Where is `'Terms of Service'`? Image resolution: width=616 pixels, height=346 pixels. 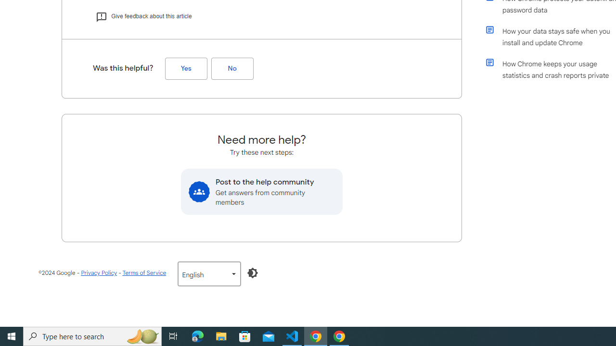
'Terms of Service' is located at coordinates (143, 272).